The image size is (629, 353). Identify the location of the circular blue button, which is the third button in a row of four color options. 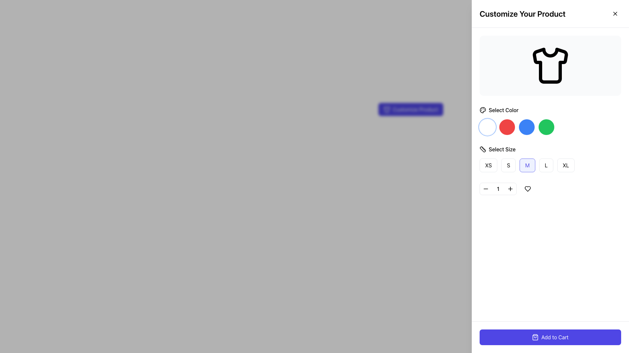
(527, 127).